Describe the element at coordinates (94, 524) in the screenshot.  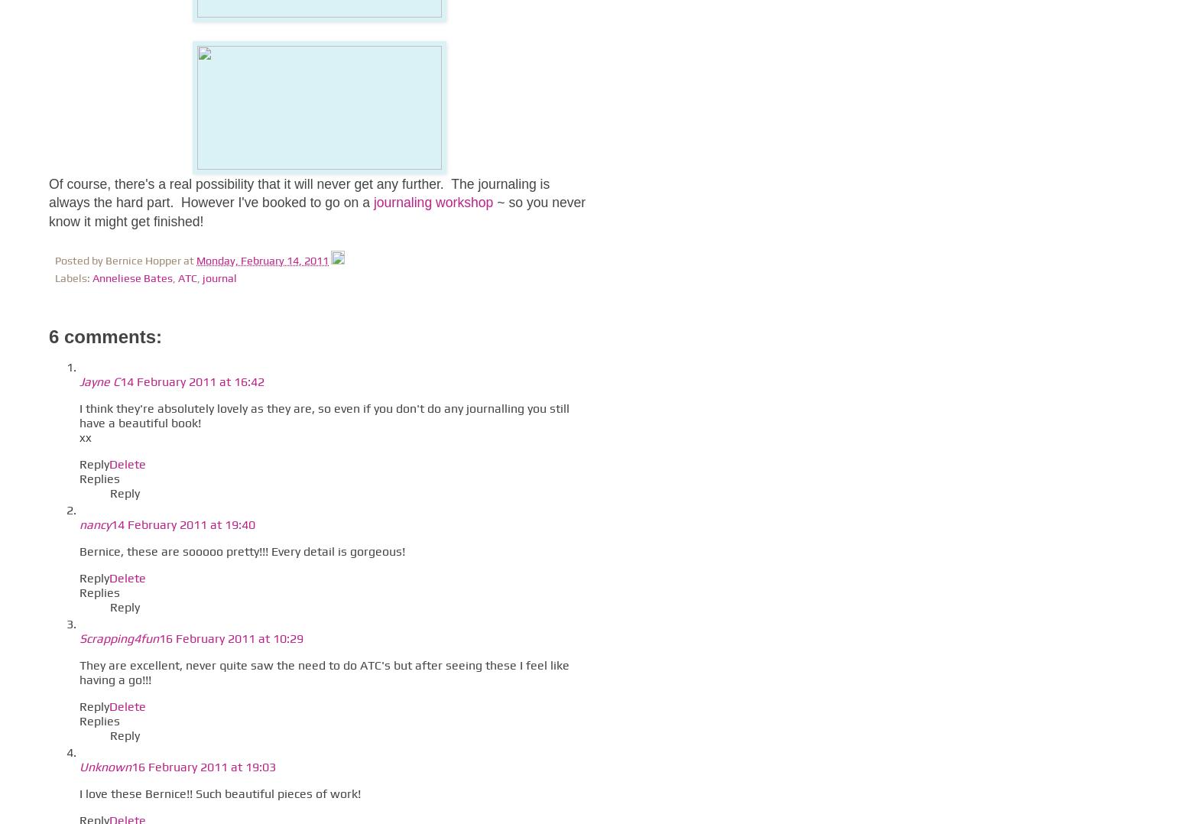
I see `'nancy'` at that location.